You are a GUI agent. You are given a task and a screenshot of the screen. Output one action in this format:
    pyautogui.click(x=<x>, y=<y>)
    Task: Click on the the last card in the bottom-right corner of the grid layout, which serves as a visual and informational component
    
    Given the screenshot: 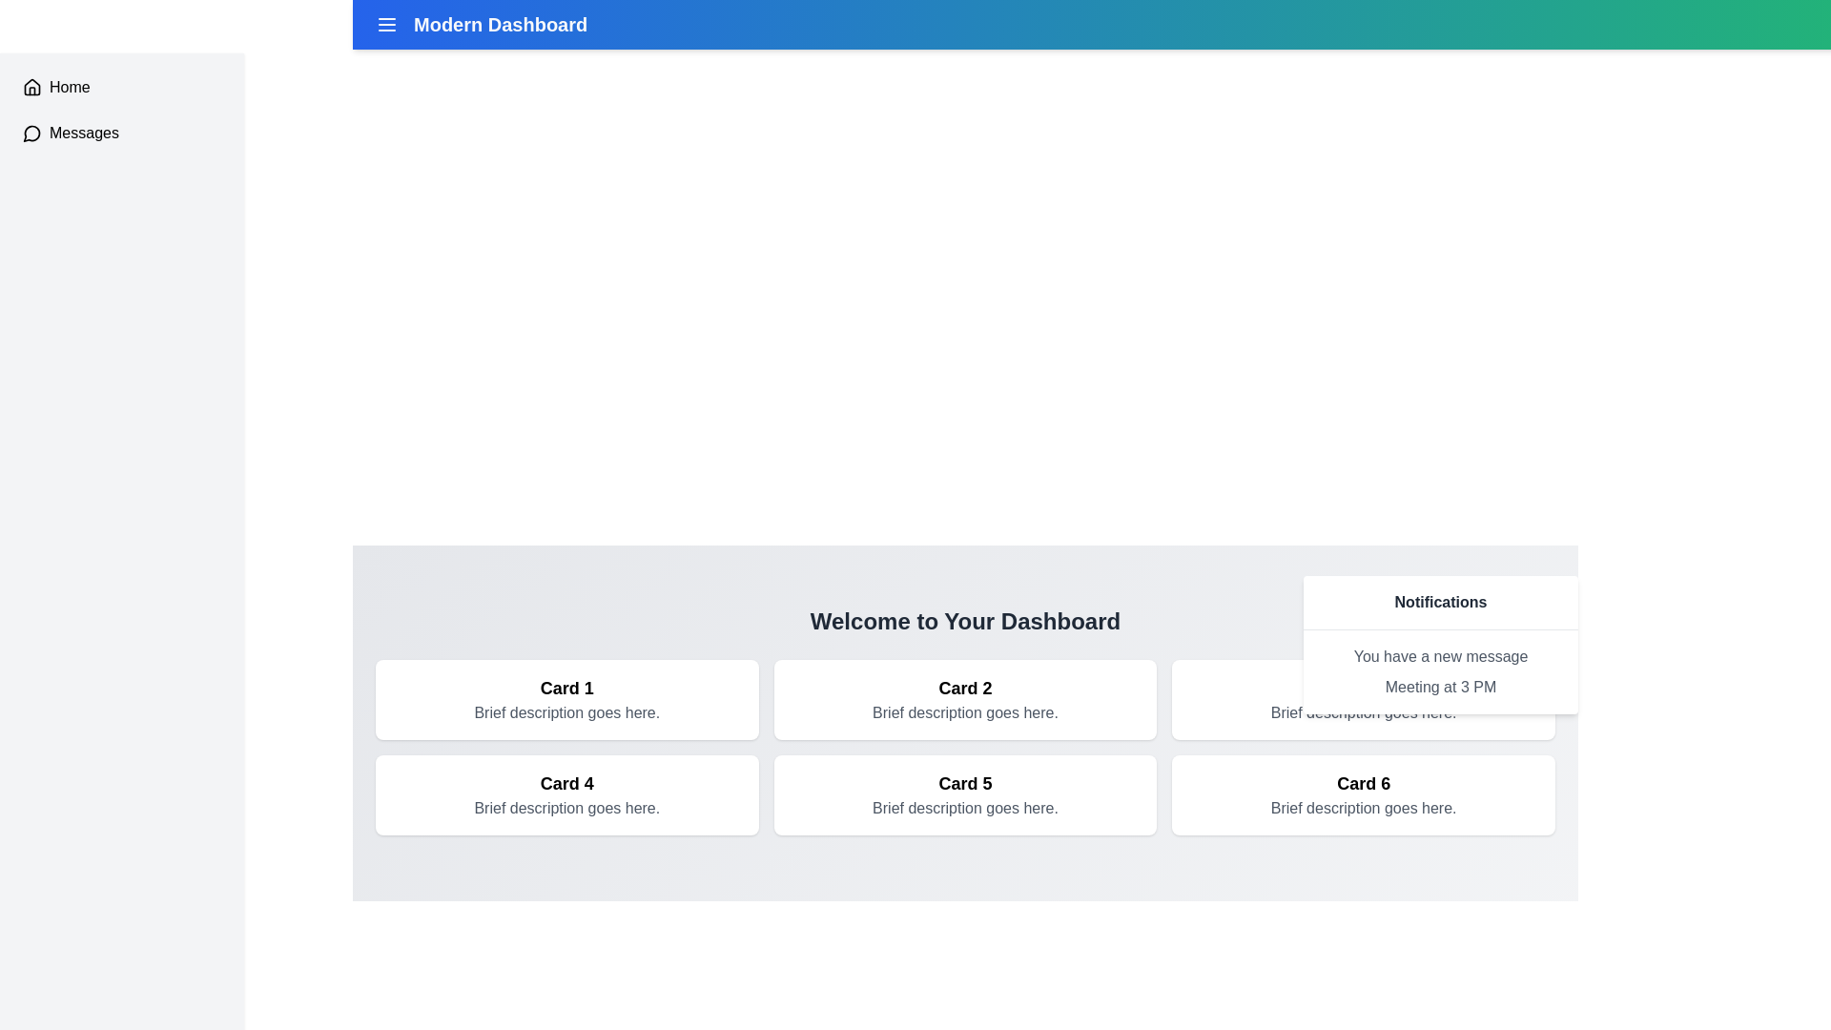 What is the action you would take?
    pyautogui.click(x=1363, y=794)
    